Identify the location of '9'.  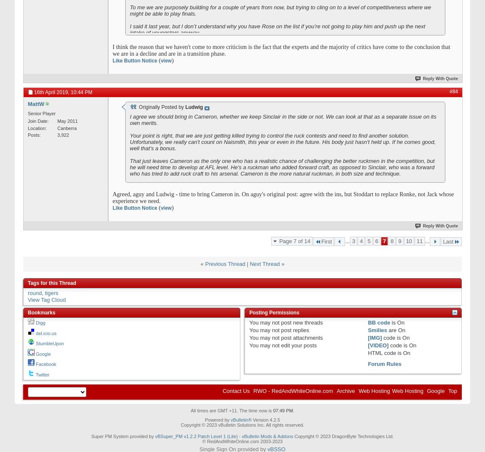
(398, 241).